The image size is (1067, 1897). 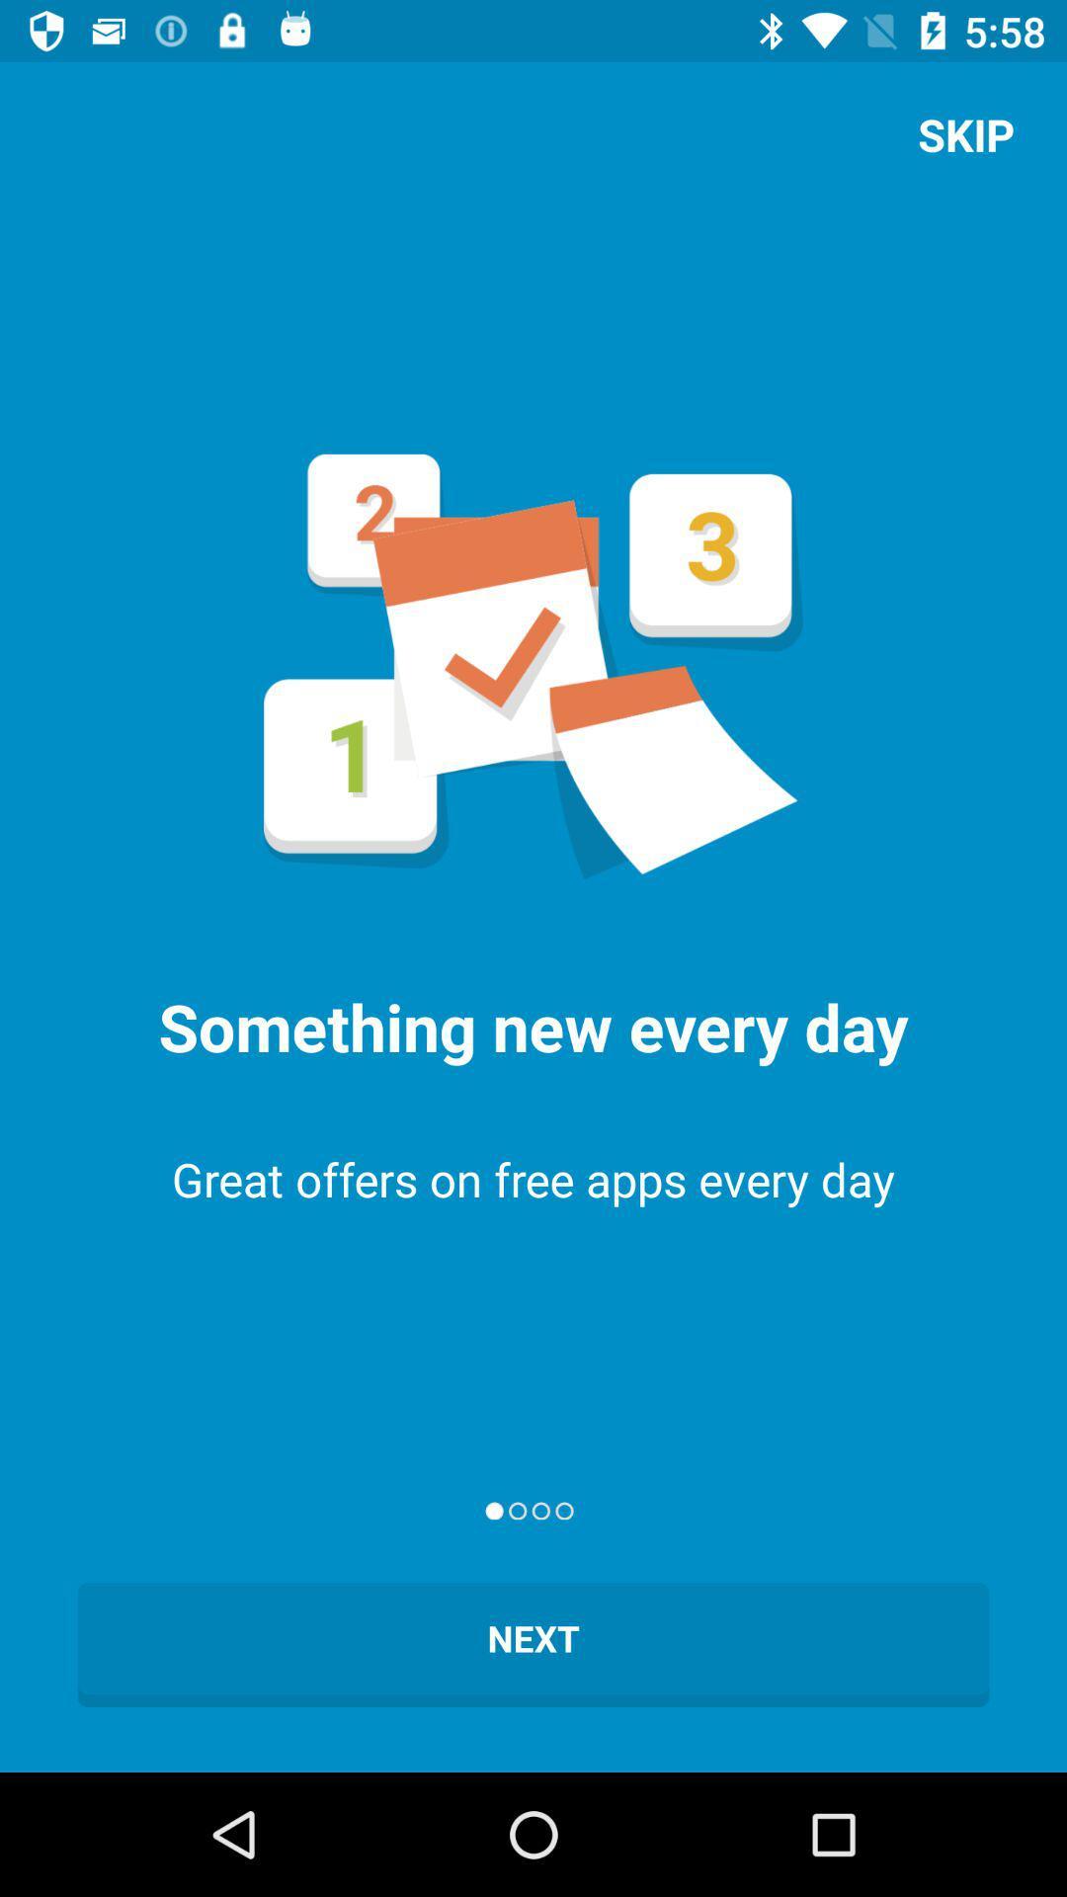 I want to click on the item above the something new every app, so click(x=965, y=133).